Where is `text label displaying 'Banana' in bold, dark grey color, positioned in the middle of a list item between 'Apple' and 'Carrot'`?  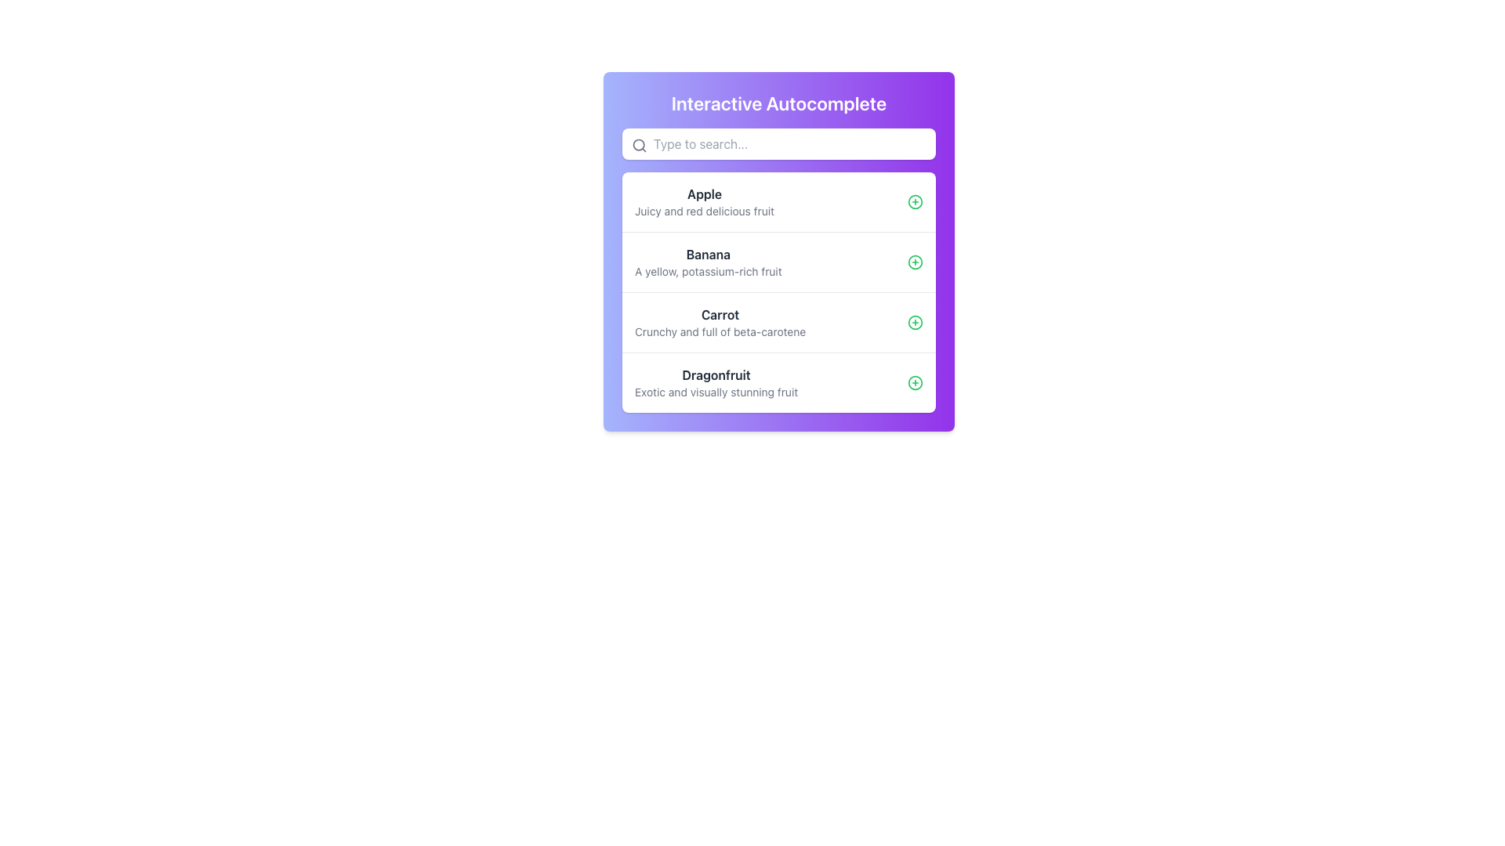
text label displaying 'Banana' in bold, dark grey color, positioned in the middle of a list item between 'Apple' and 'Carrot' is located at coordinates (707, 253).